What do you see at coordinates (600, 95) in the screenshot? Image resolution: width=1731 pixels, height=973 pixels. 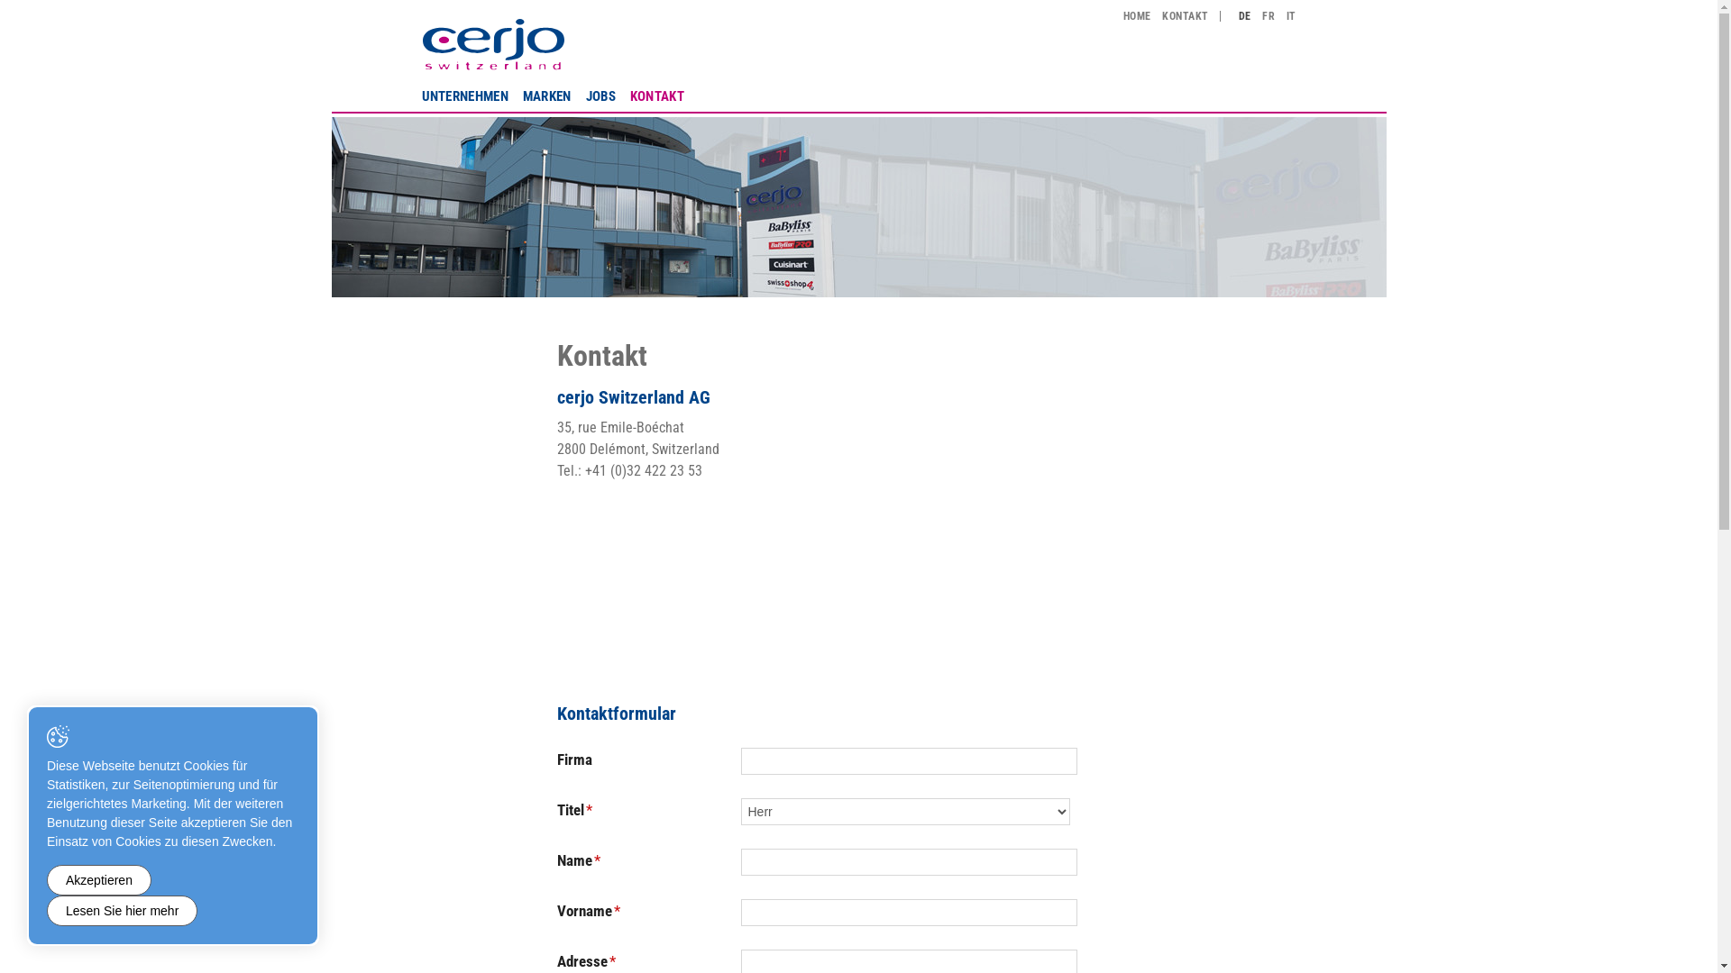 I see `'JOBS'` at bounding box center [600, 95].